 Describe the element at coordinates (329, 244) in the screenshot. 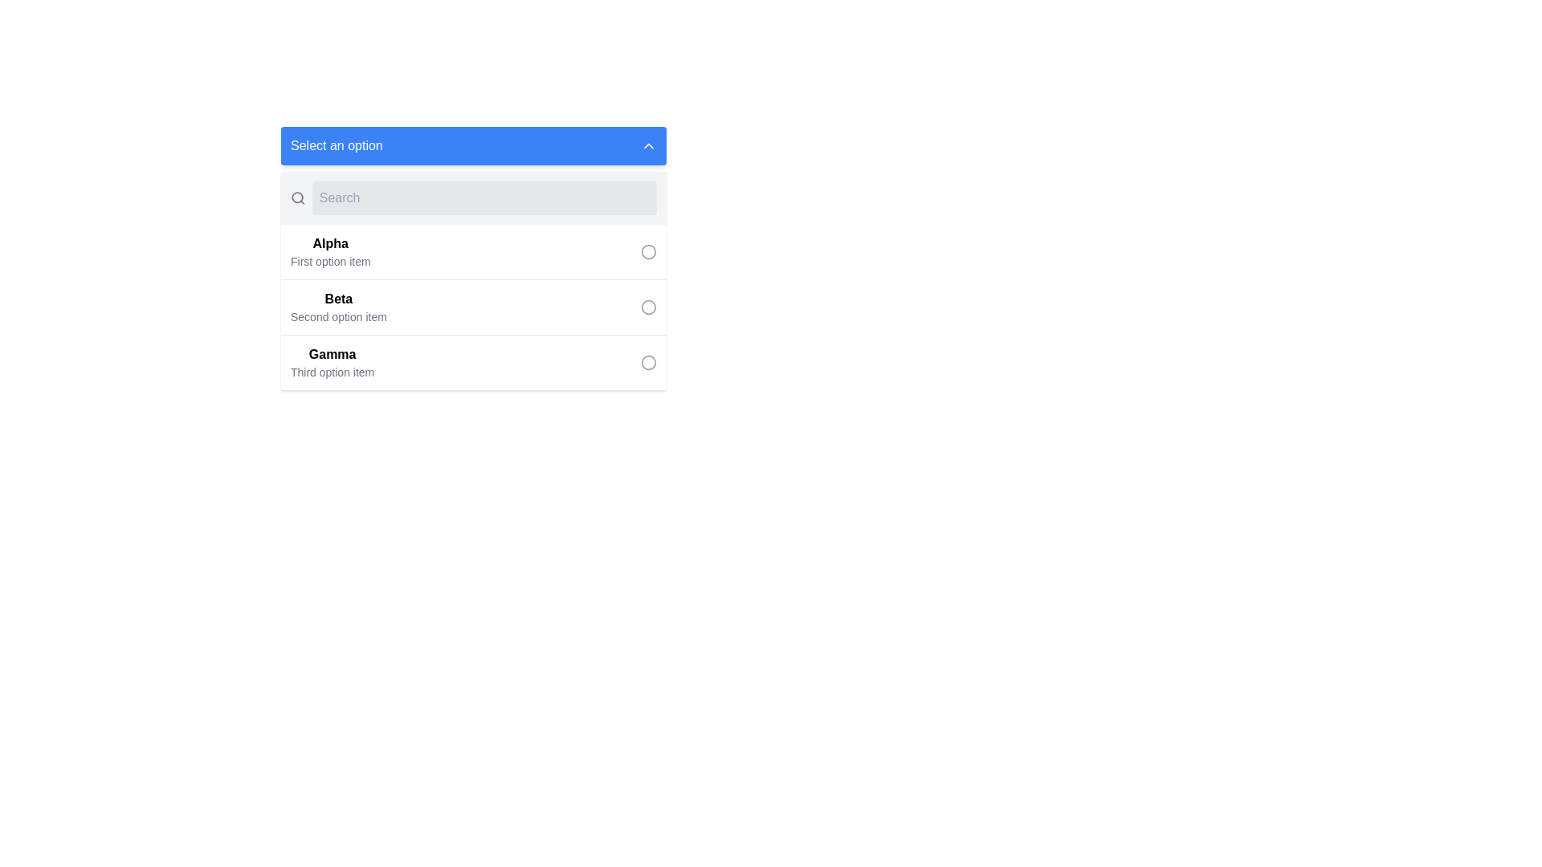

I see `the text label that identifies the first option in the selection list, located directly below the search bar of the dropdown menu` at that location.